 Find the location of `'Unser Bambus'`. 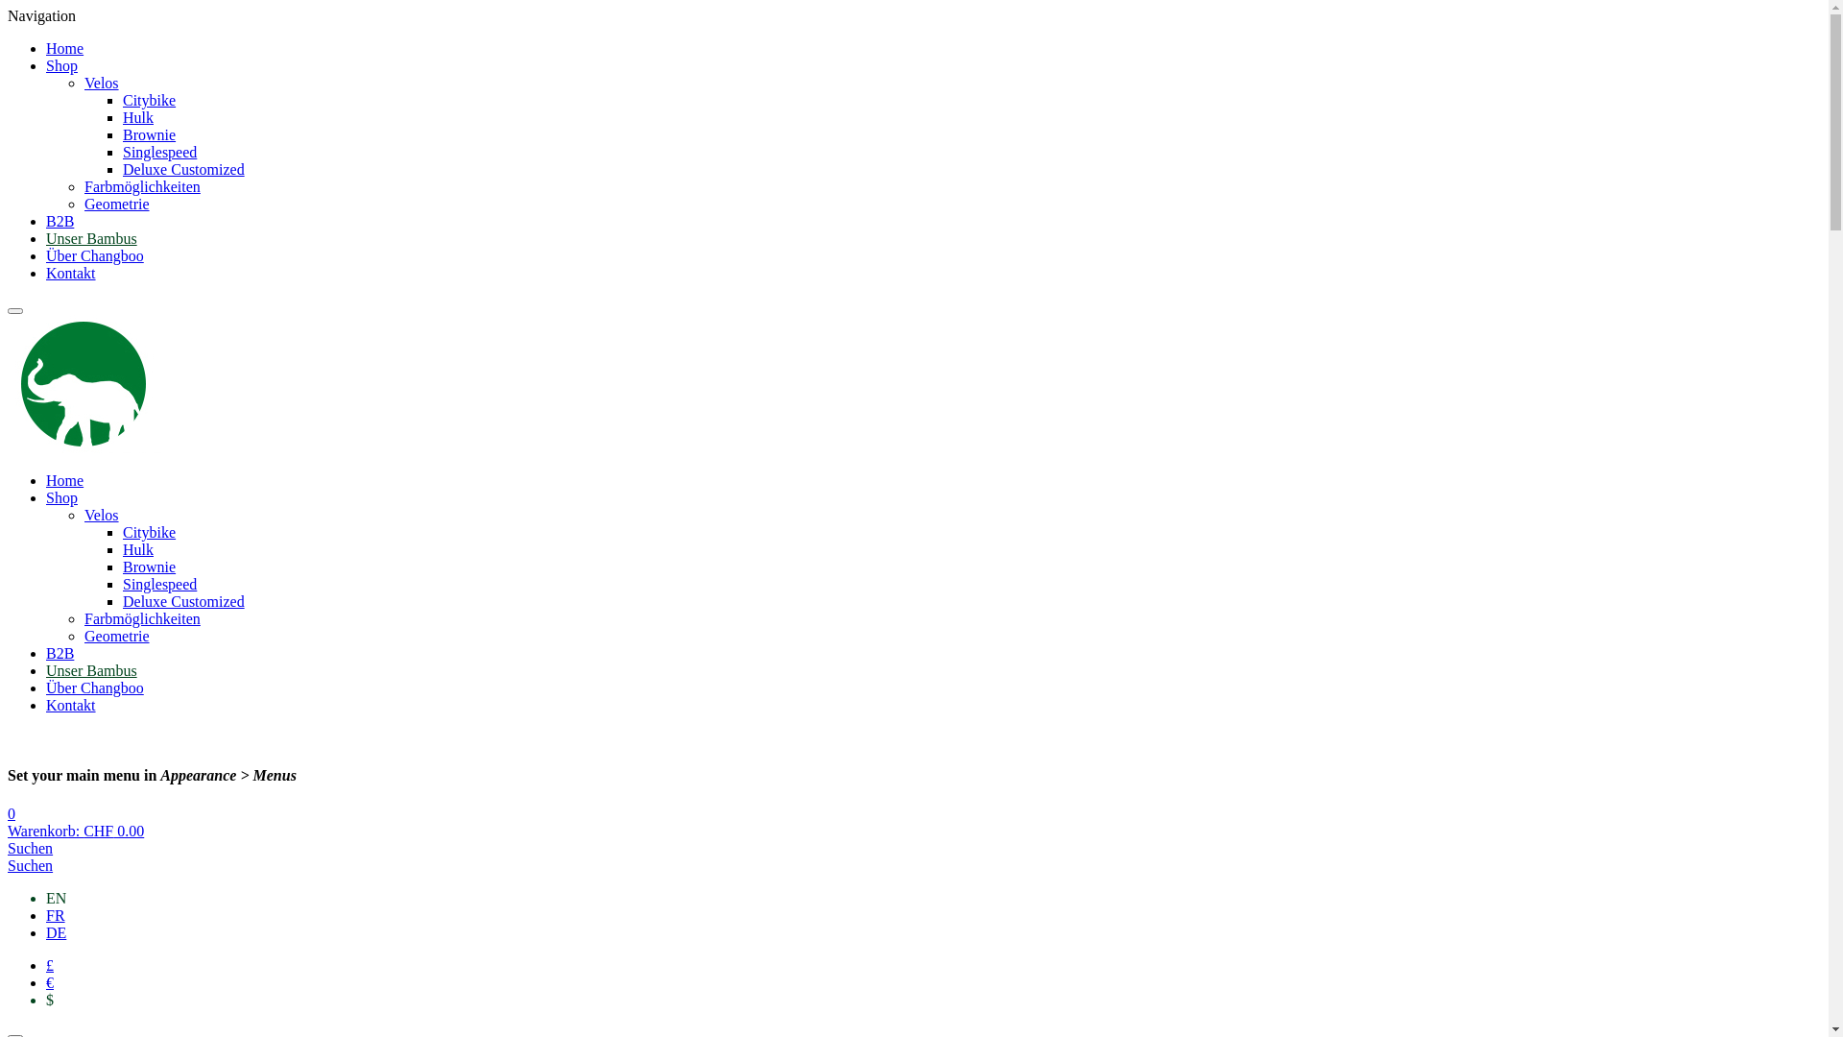

'Unser Bambus' is located at coordinates (90, 669).